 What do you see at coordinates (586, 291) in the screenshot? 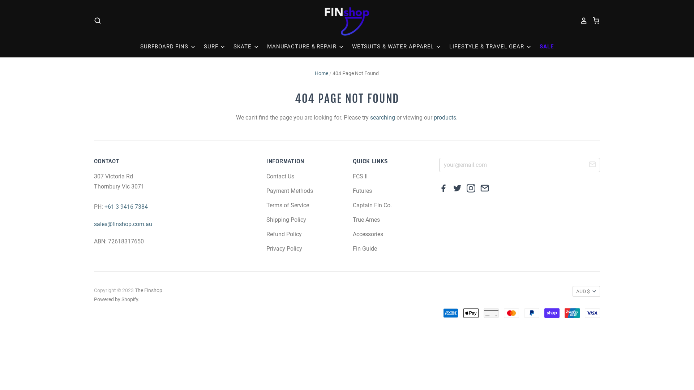
I see `'AUD $'` at bounding box center [586, 291].